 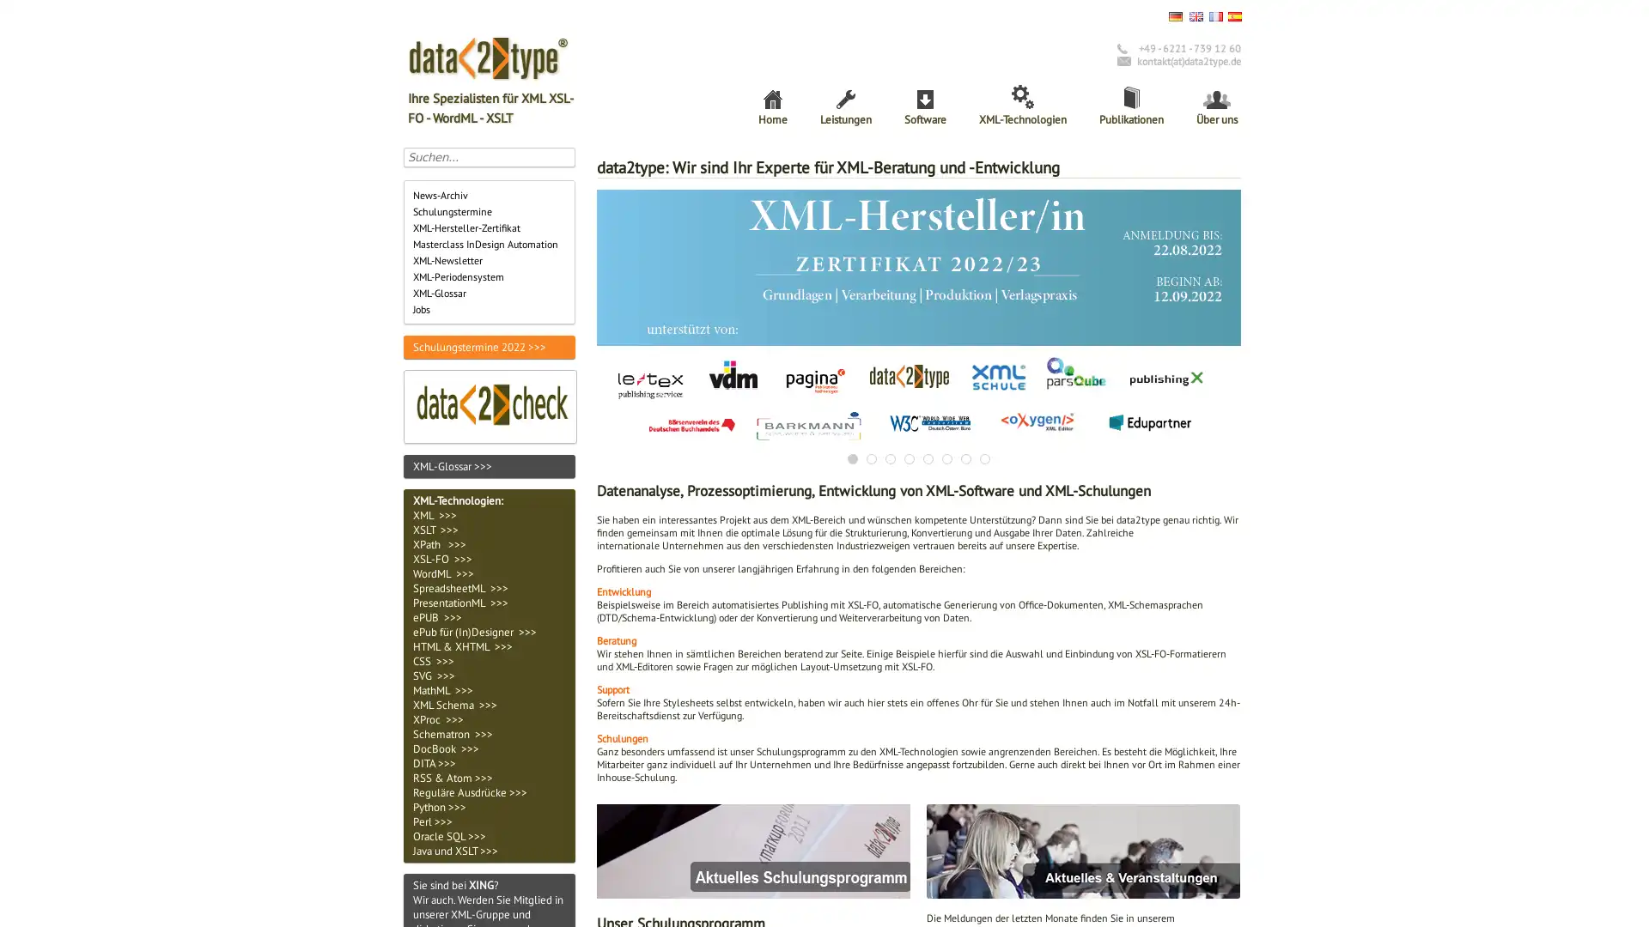 I want to click on Carousel Page 6, so click(x=946, y=457).